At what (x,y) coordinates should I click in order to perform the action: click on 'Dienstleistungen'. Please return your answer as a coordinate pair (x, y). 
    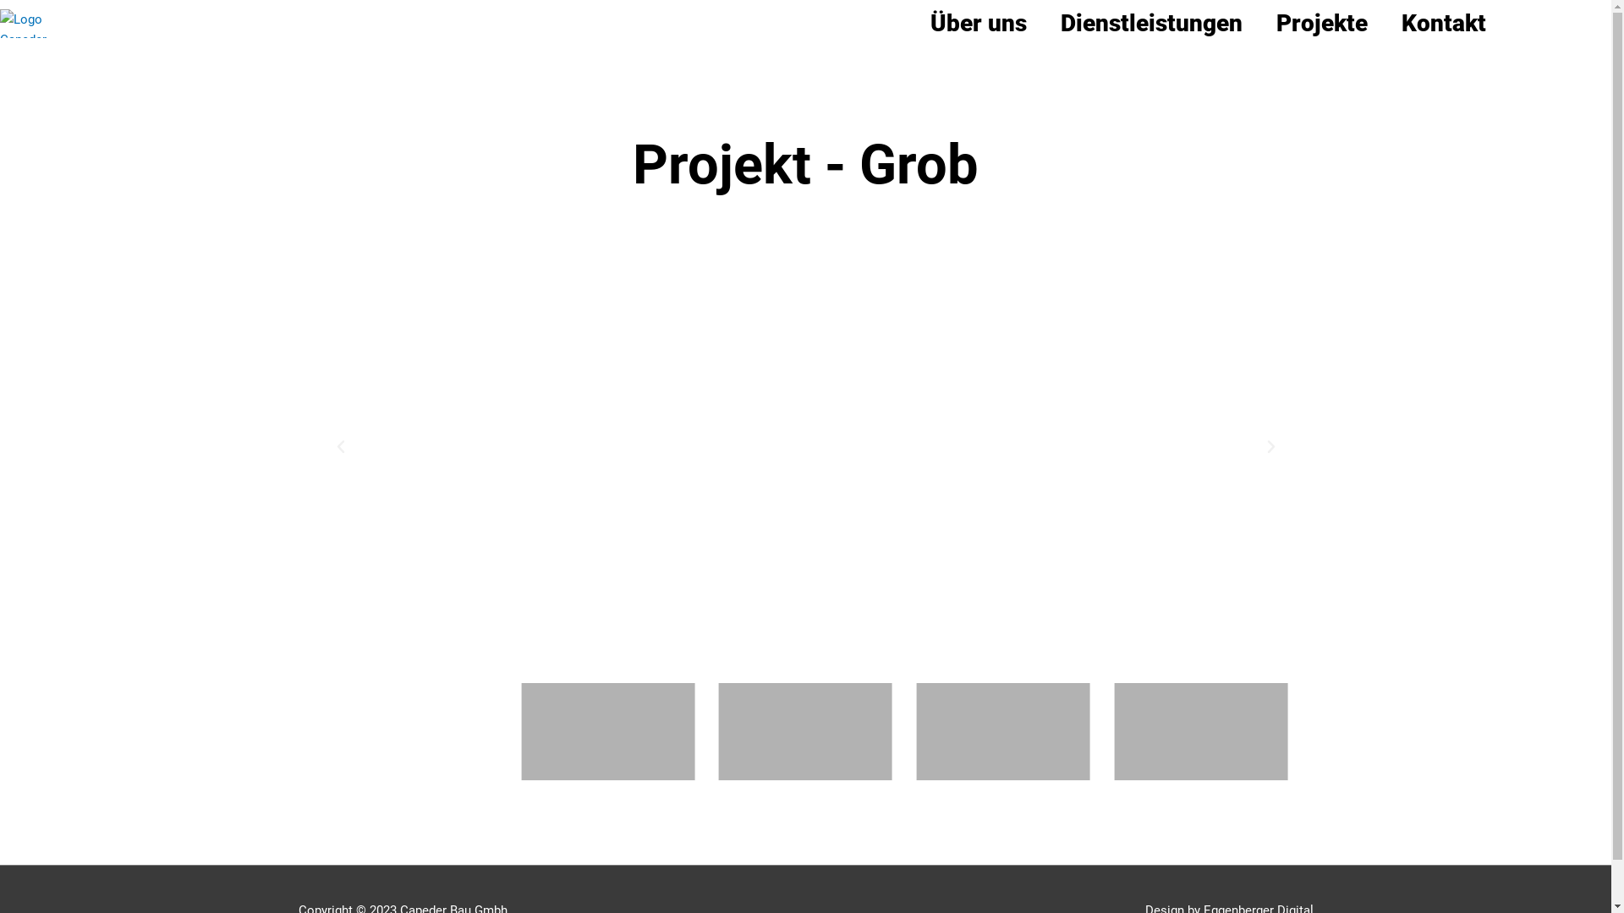
    Looking at the image, I should click on (1150, 23).